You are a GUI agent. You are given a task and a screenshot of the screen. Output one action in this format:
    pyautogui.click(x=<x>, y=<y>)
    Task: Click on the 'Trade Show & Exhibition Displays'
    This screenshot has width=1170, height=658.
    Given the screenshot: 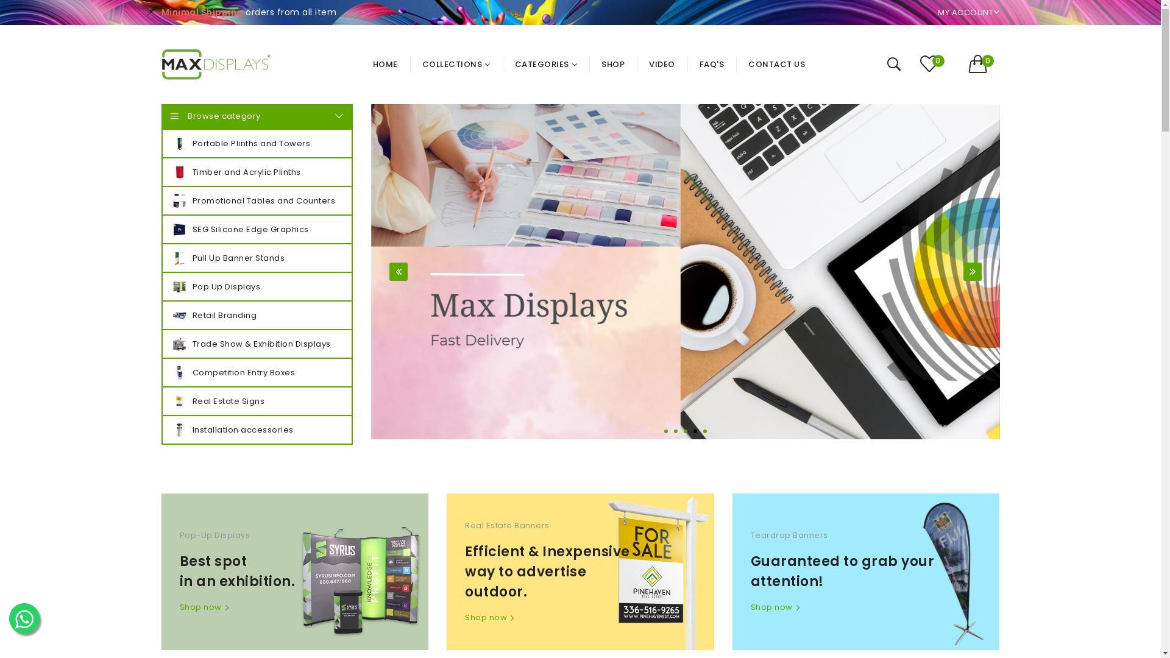 What is the action you would take?
    pyautogui.click(x=256, y=344)
    